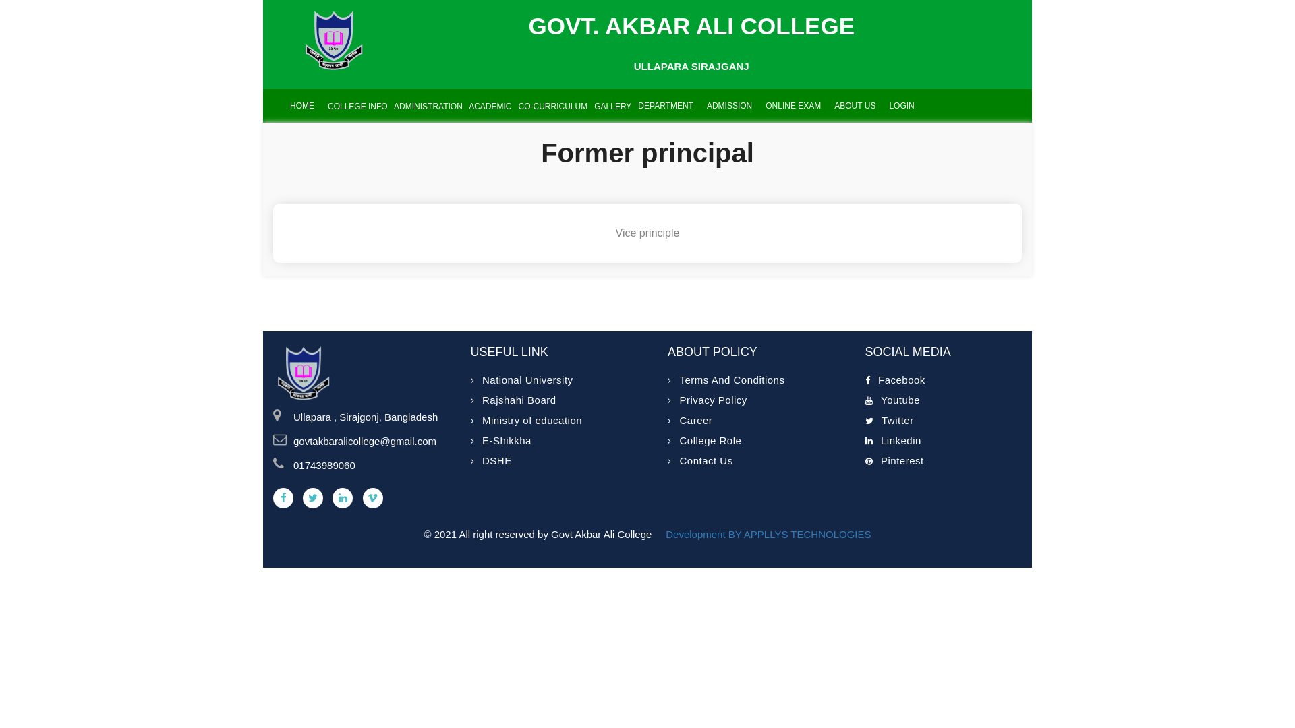 Image resolution: width=1295 pixels, height=728 pixels. What do you see at coordinates (490, 460) in the screenshot?
I see `'DSHE'` at bounding box center [490, 460].